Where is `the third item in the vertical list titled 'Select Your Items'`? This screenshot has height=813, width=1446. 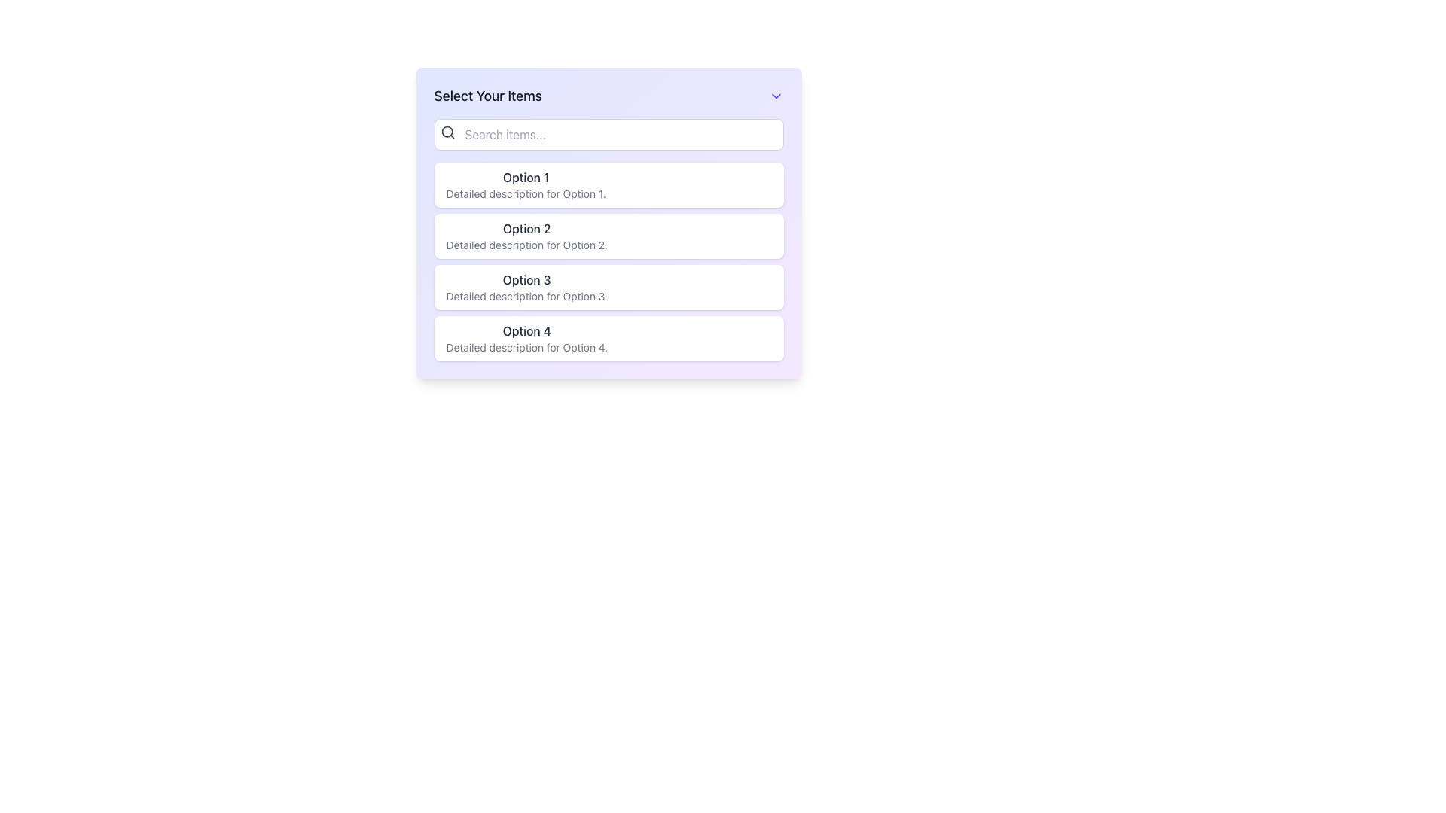
the third item in the vertical list titled 'Select Your Items' is located at coordinates (609, 287).